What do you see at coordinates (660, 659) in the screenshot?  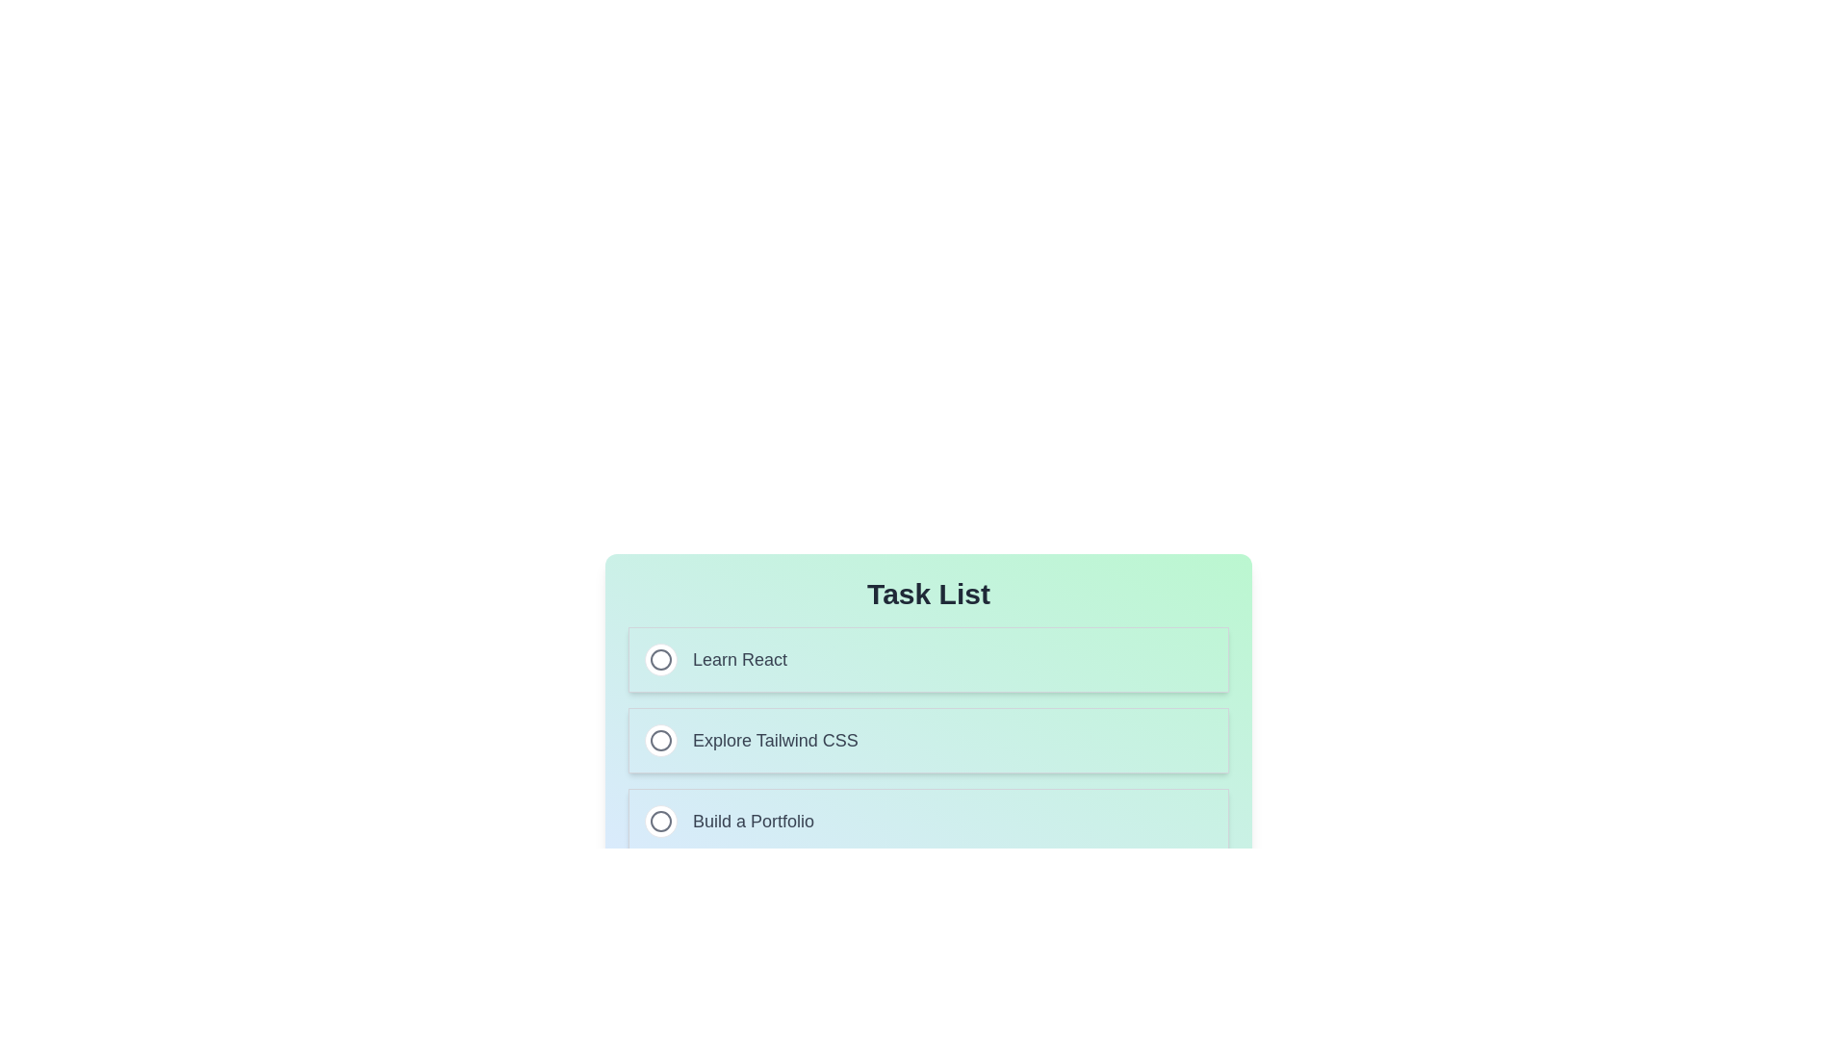 I see `the circular indicator or radio button representing the selection option for 'Learn React' in the task list` at bounding box center [660, 659].